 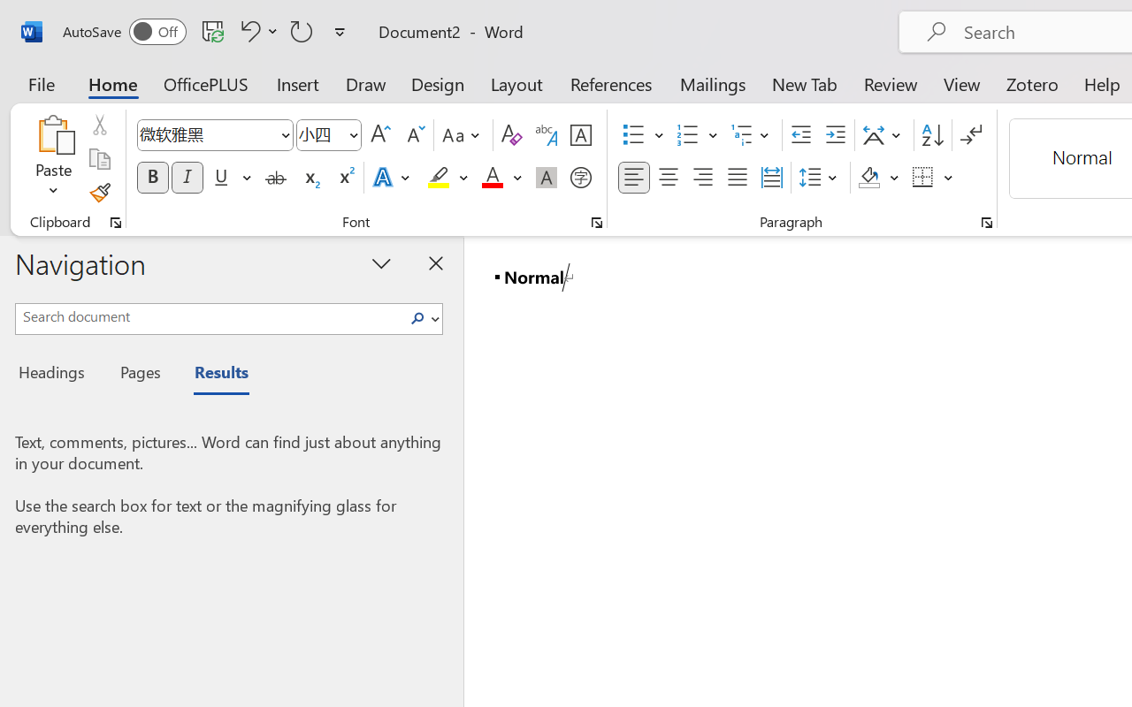 I want to click on 'View', so click(x=961, y=83).